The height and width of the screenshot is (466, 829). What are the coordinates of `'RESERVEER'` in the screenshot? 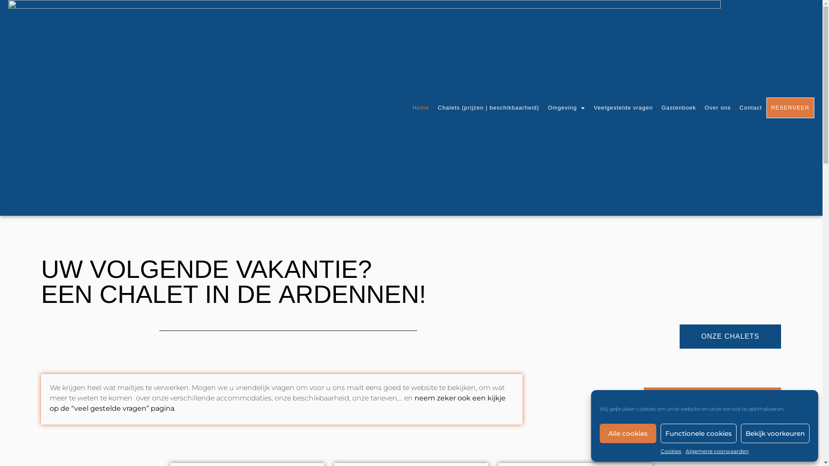 It's located at (790, 107).